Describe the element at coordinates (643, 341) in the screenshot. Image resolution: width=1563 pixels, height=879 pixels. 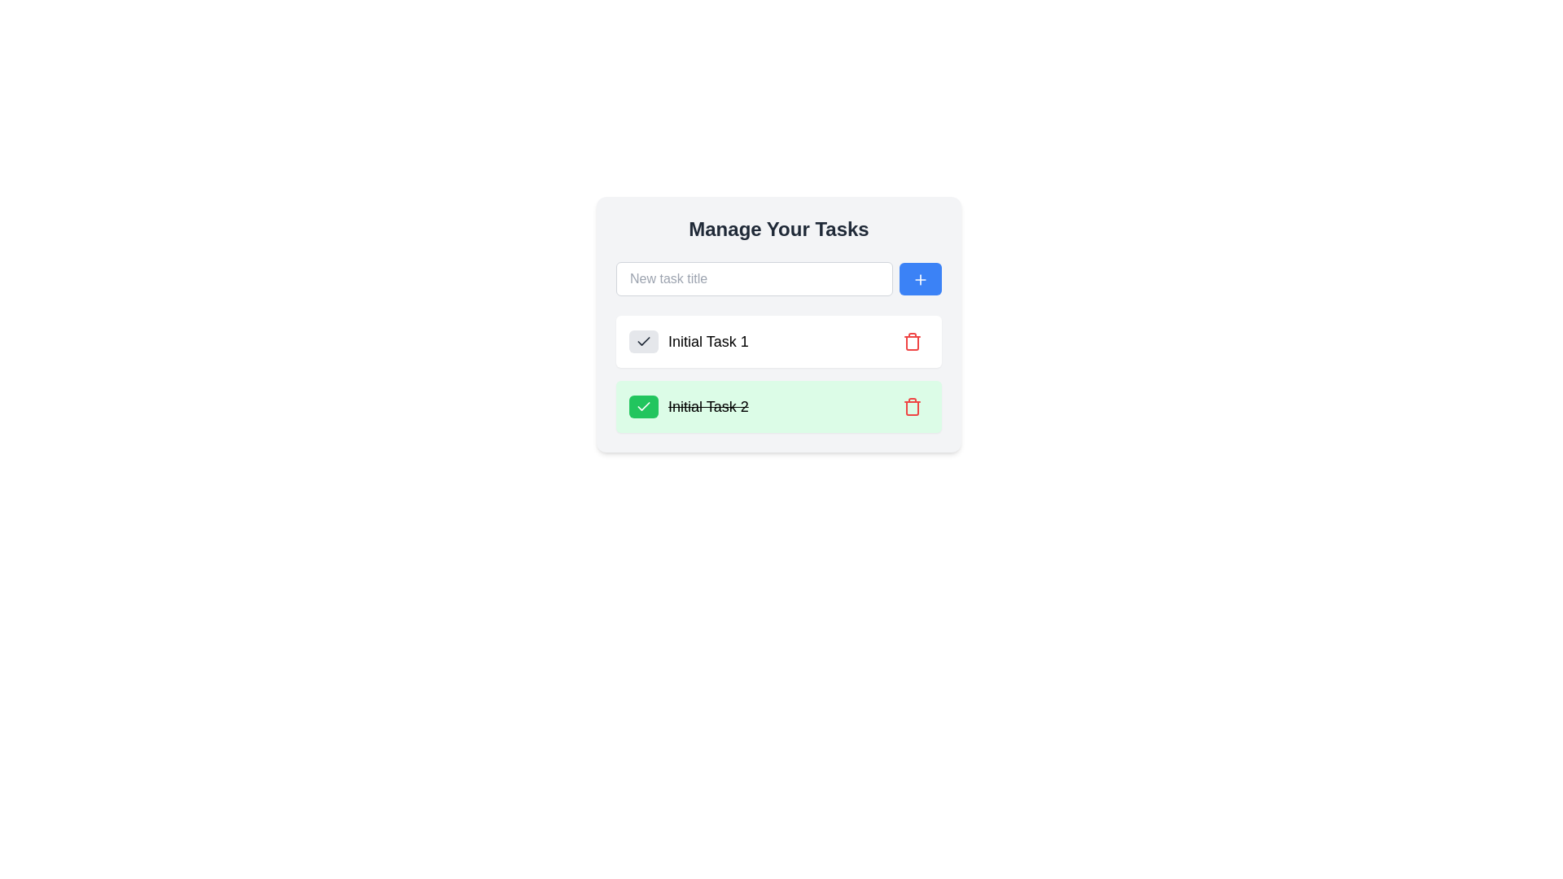
I see `the checkbox styled as a button` at that location.